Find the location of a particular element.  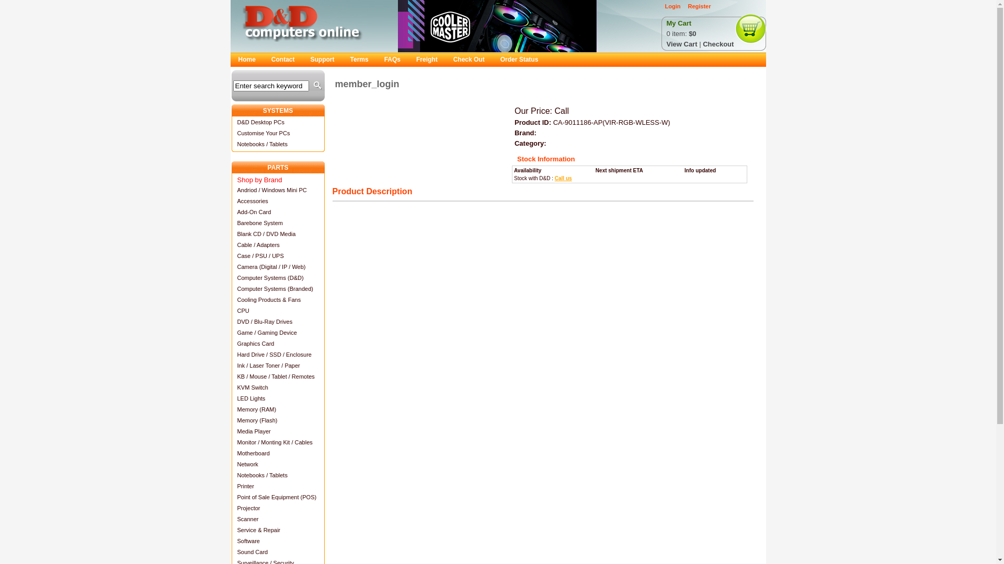

'LED Lights' is located at coordinates (278, 398).